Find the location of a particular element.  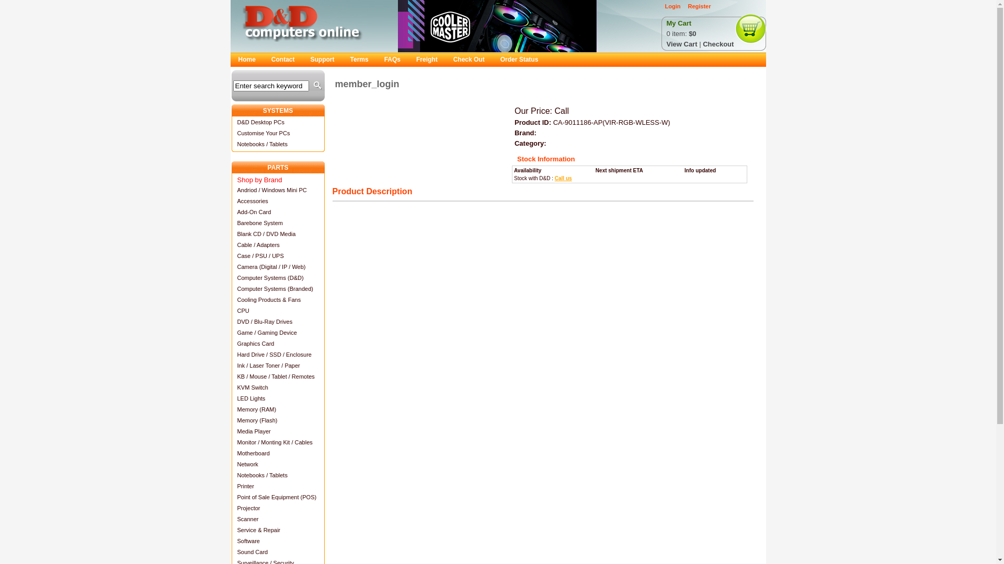

'LED Lights' is located at coordinates (278, 398).